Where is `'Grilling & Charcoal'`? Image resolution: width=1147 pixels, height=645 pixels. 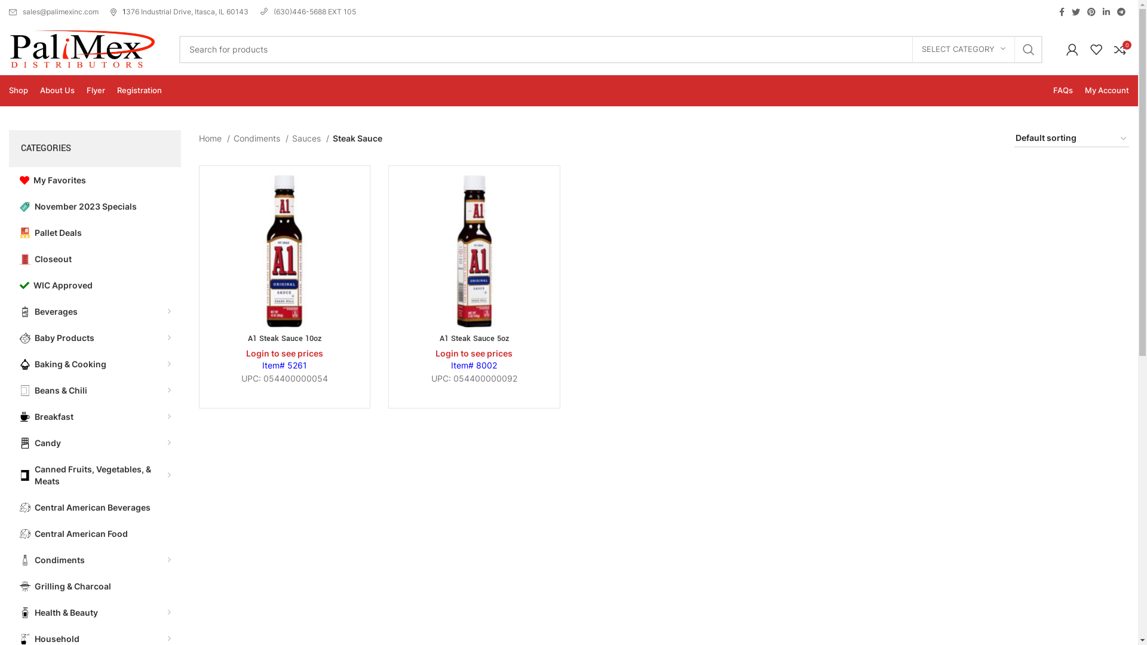 'Grilling & Charcoal' is located at coordinates (94, 586).